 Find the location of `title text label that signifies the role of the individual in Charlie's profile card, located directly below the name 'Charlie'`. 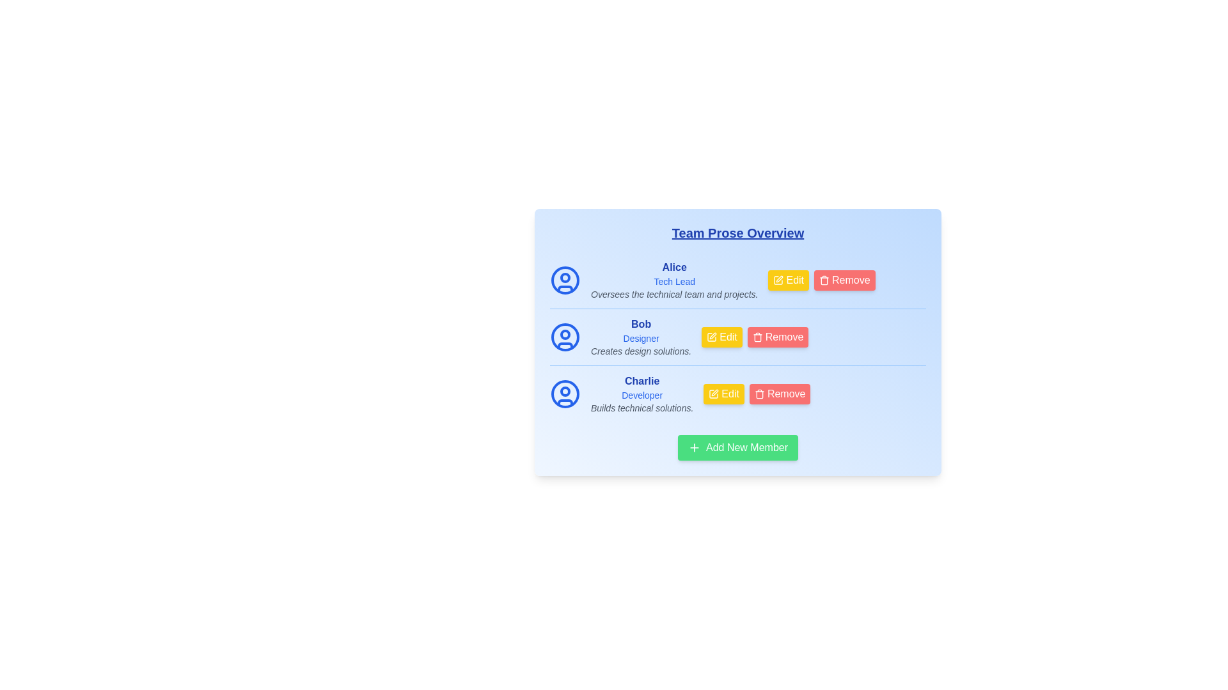

title text label that signifies the role of the individual in Charlie's profile card, located directly below the name 'Charlie' is located at coordinates (642, 394).